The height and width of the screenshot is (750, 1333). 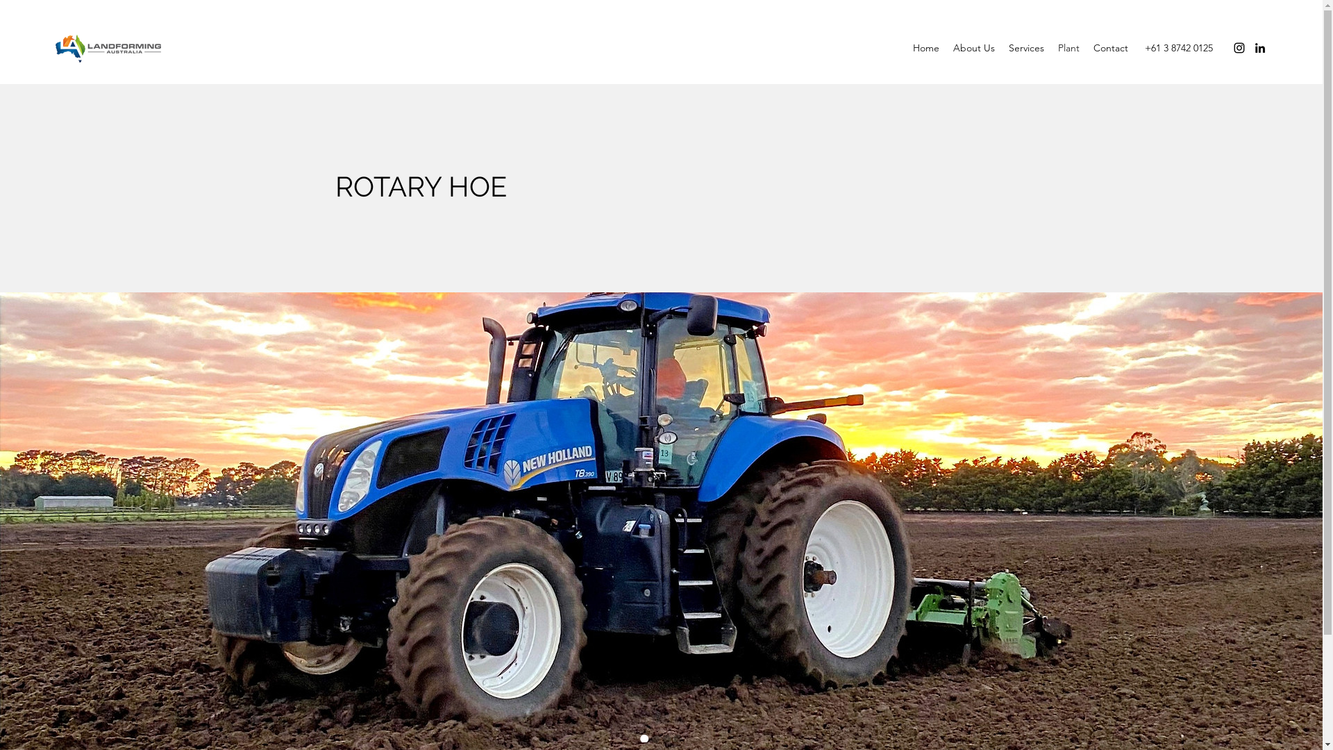 I want to click on 'Home', so click(x=906, y=47).